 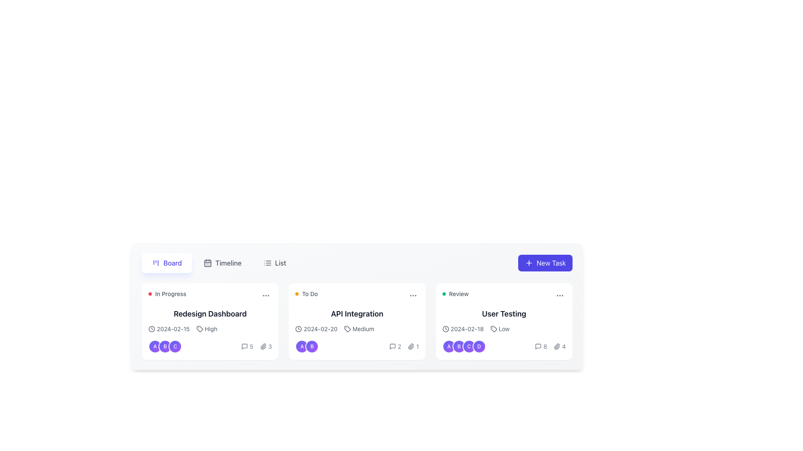 What do you see at coordinates (538, 346) in the screenshot?
I see `the comment icon associated with the 'User Testing' task` at bounding box center [538, 346].